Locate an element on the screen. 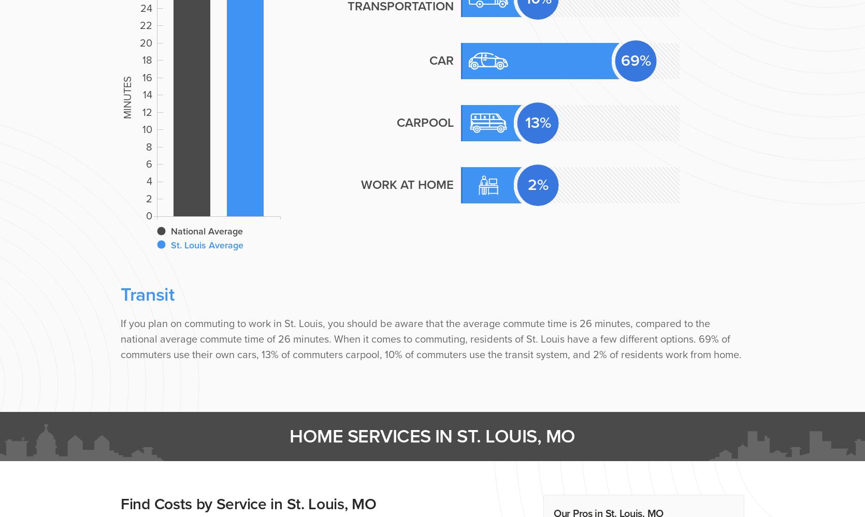  'Car' is located at coordinates (441, 60).